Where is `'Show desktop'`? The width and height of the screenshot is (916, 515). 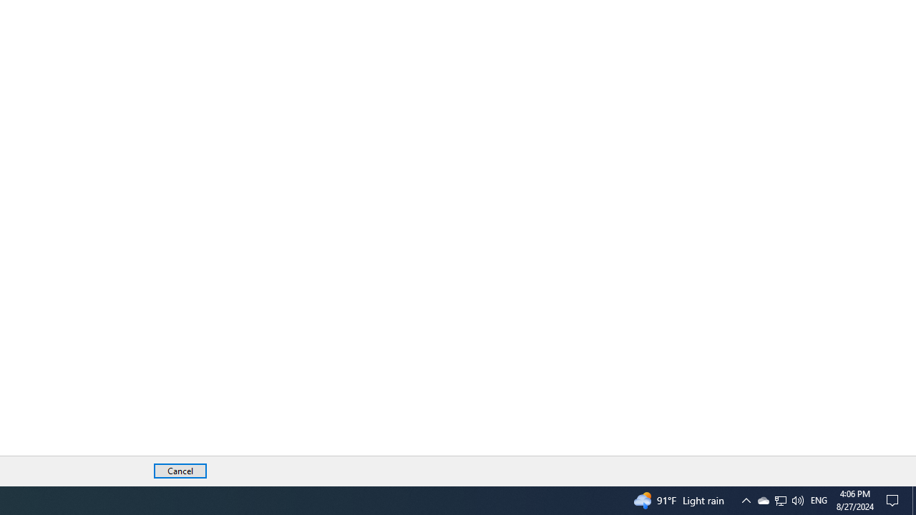
'Show desktop' is located at coordinates (913, 499).